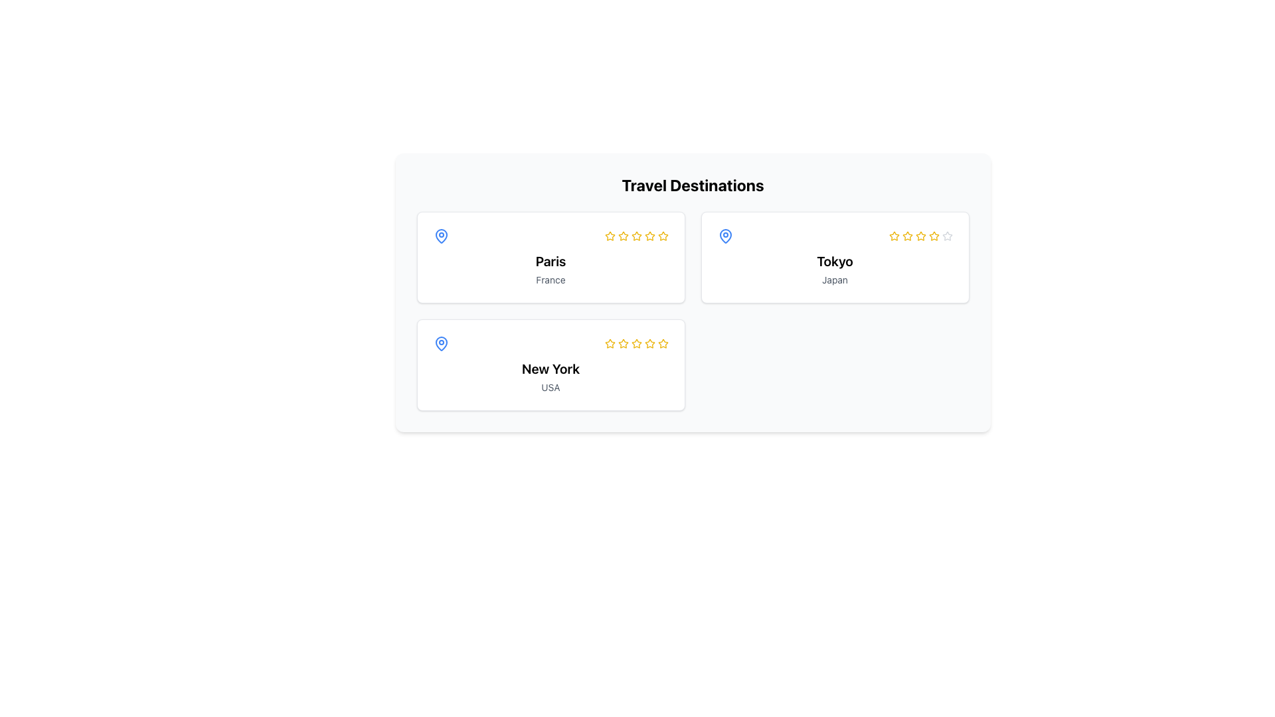 This screenshot has height=717, width=1275. Describe the element at coordinates (933, 235) in the screenshot. I see `the fifth star in the rating row under the 'Tokyo, Japan' card` at that location.